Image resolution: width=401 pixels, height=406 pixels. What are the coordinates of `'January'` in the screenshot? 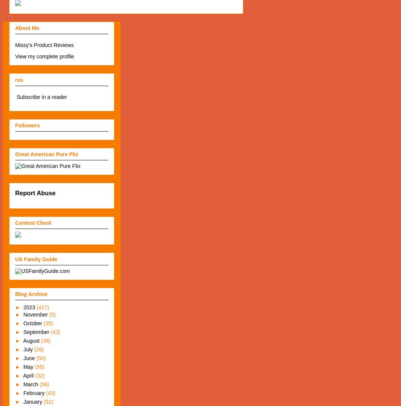 It's located at (33, 401).